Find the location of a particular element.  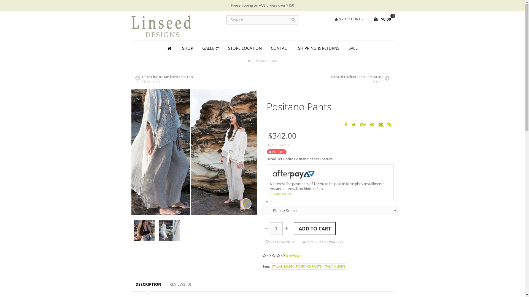

'LEARN MORE' is located at coordinates (280, 194).